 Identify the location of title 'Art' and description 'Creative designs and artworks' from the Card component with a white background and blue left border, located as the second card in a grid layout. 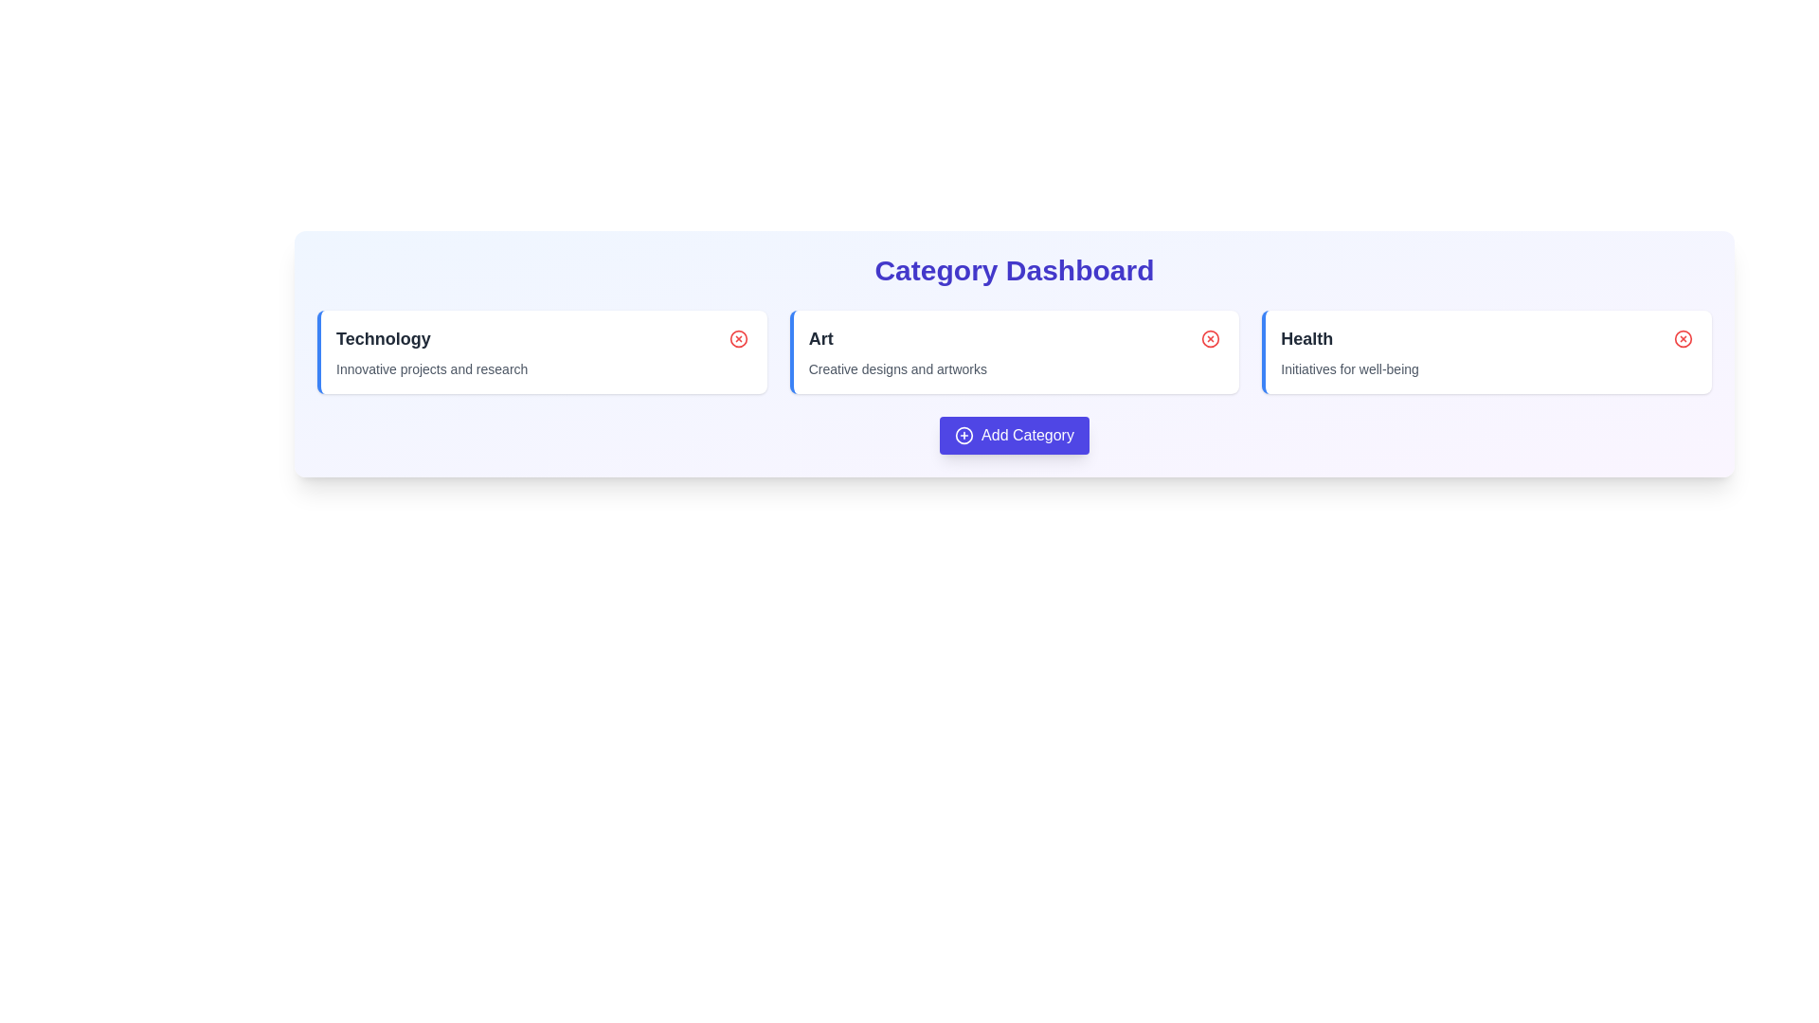
(1013, 351).